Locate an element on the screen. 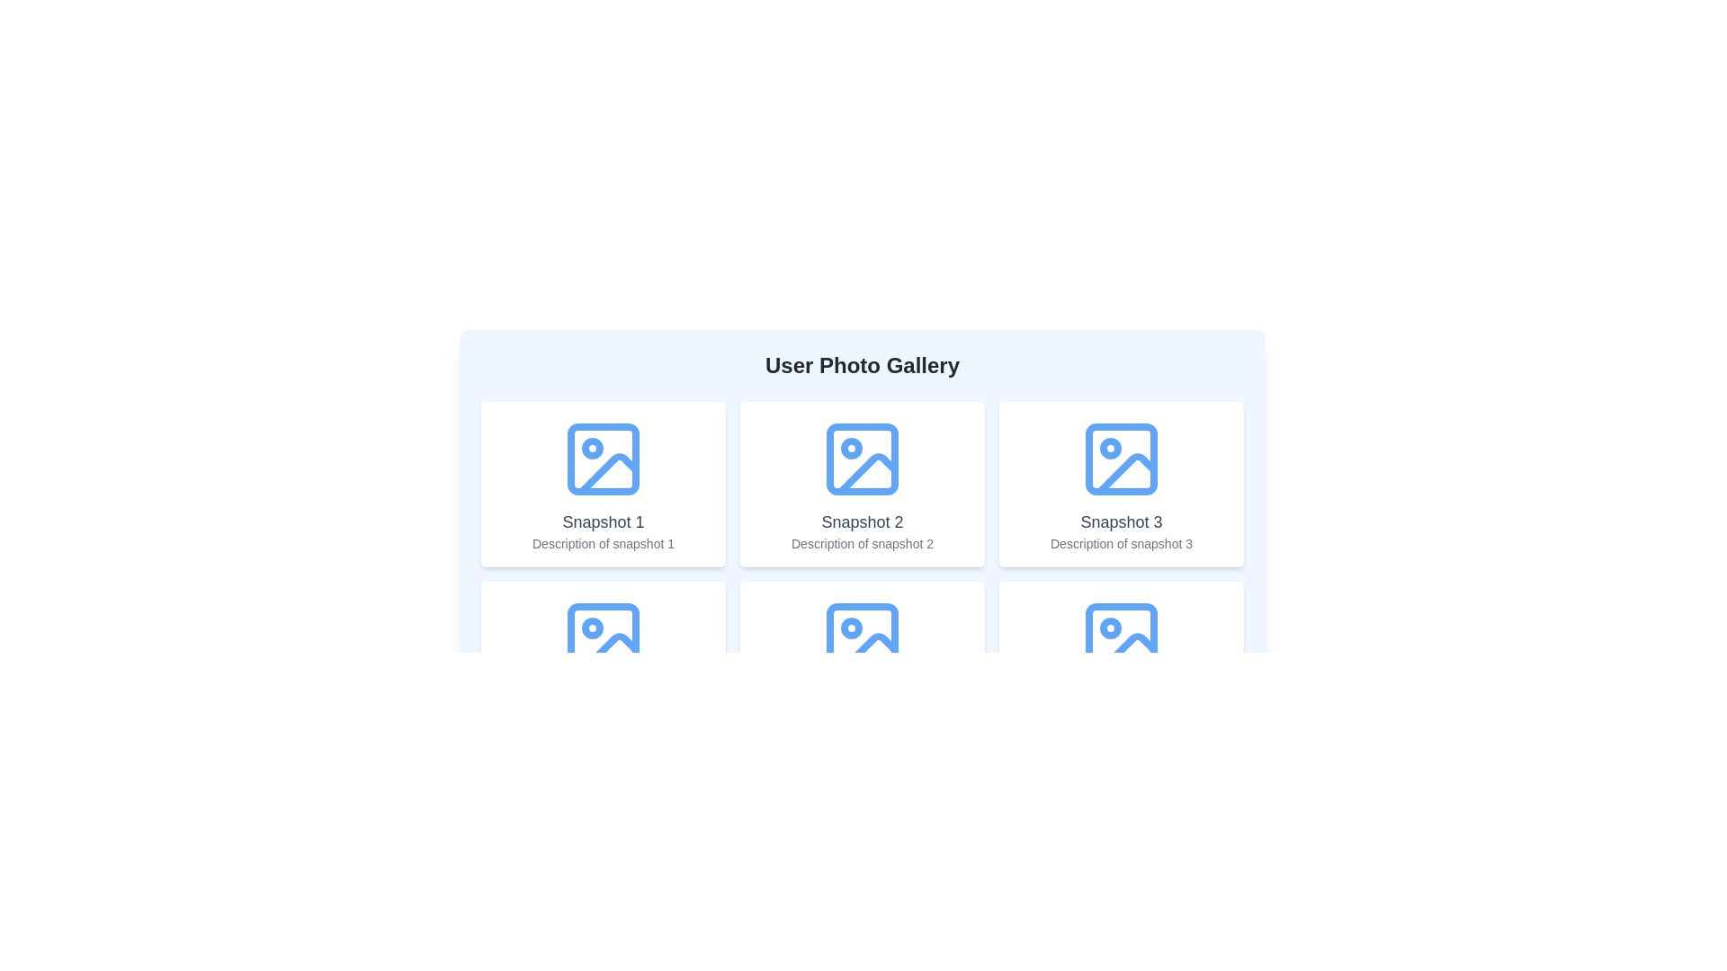 This screenshot has height=971, width=1727. the tiny circular shape mimicking a lens in the photo icon with a blue outline, located near the top-left quadrant within the 'Snapshot 2' gallery image is located at coordinates (850, 627).